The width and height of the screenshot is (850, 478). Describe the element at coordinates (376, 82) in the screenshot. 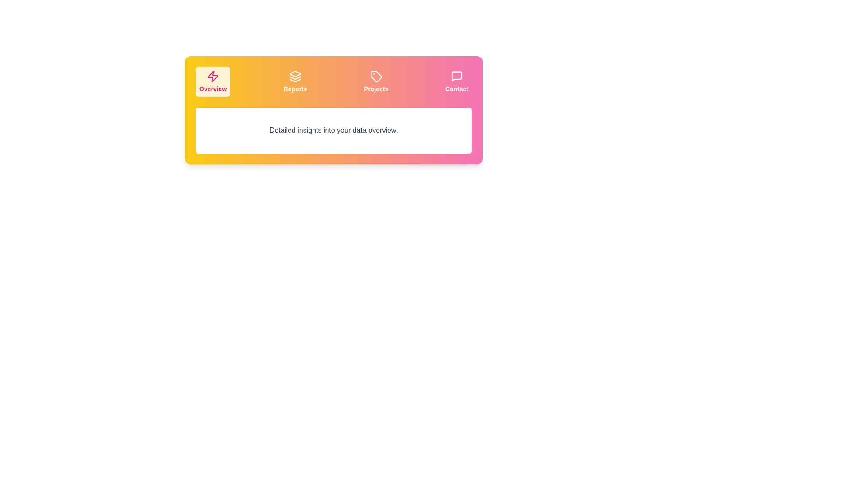

I see `the 'Projects' navigation button with an icon resembling a price tag, located in the horizontal navigation bar` at that location.